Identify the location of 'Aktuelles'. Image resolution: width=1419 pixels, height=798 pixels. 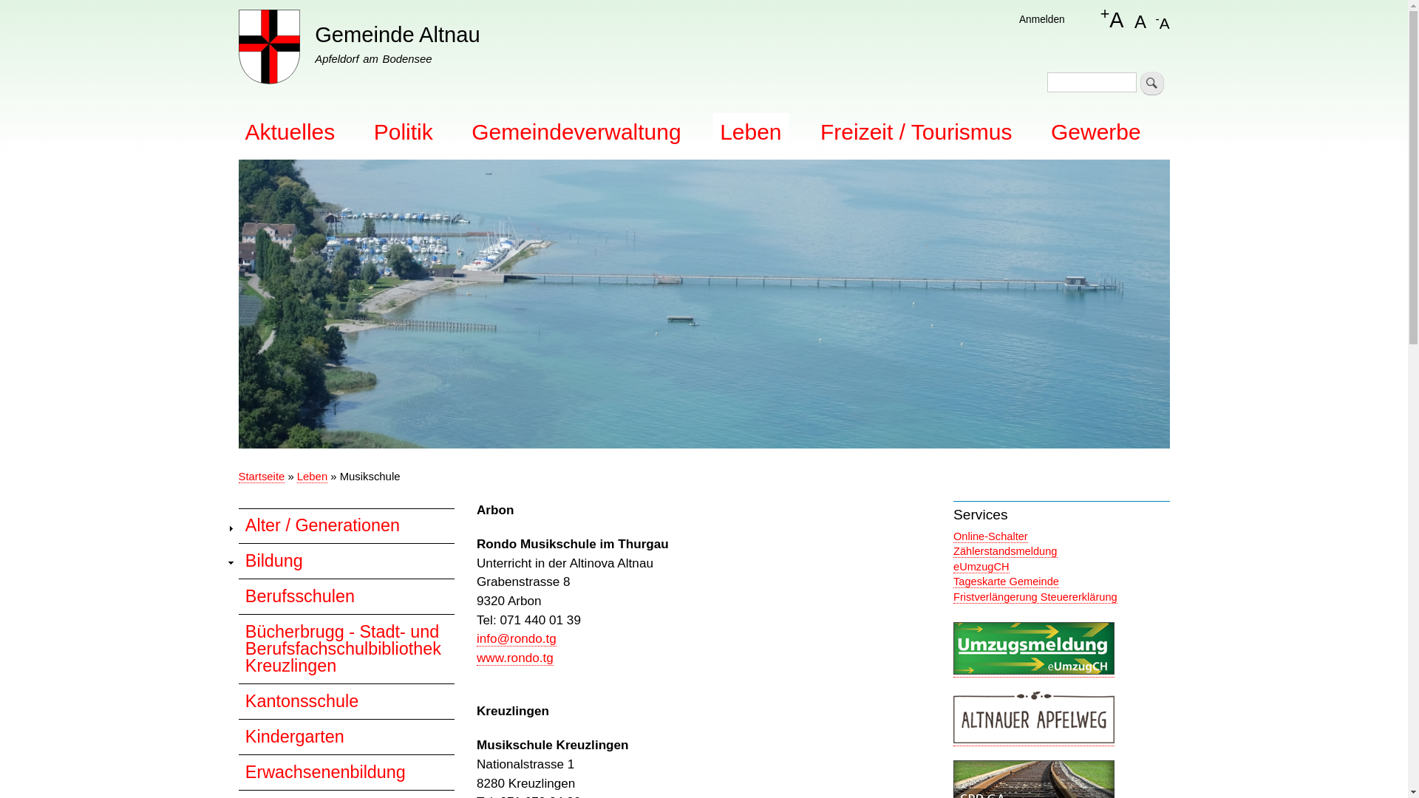
(290, 131).